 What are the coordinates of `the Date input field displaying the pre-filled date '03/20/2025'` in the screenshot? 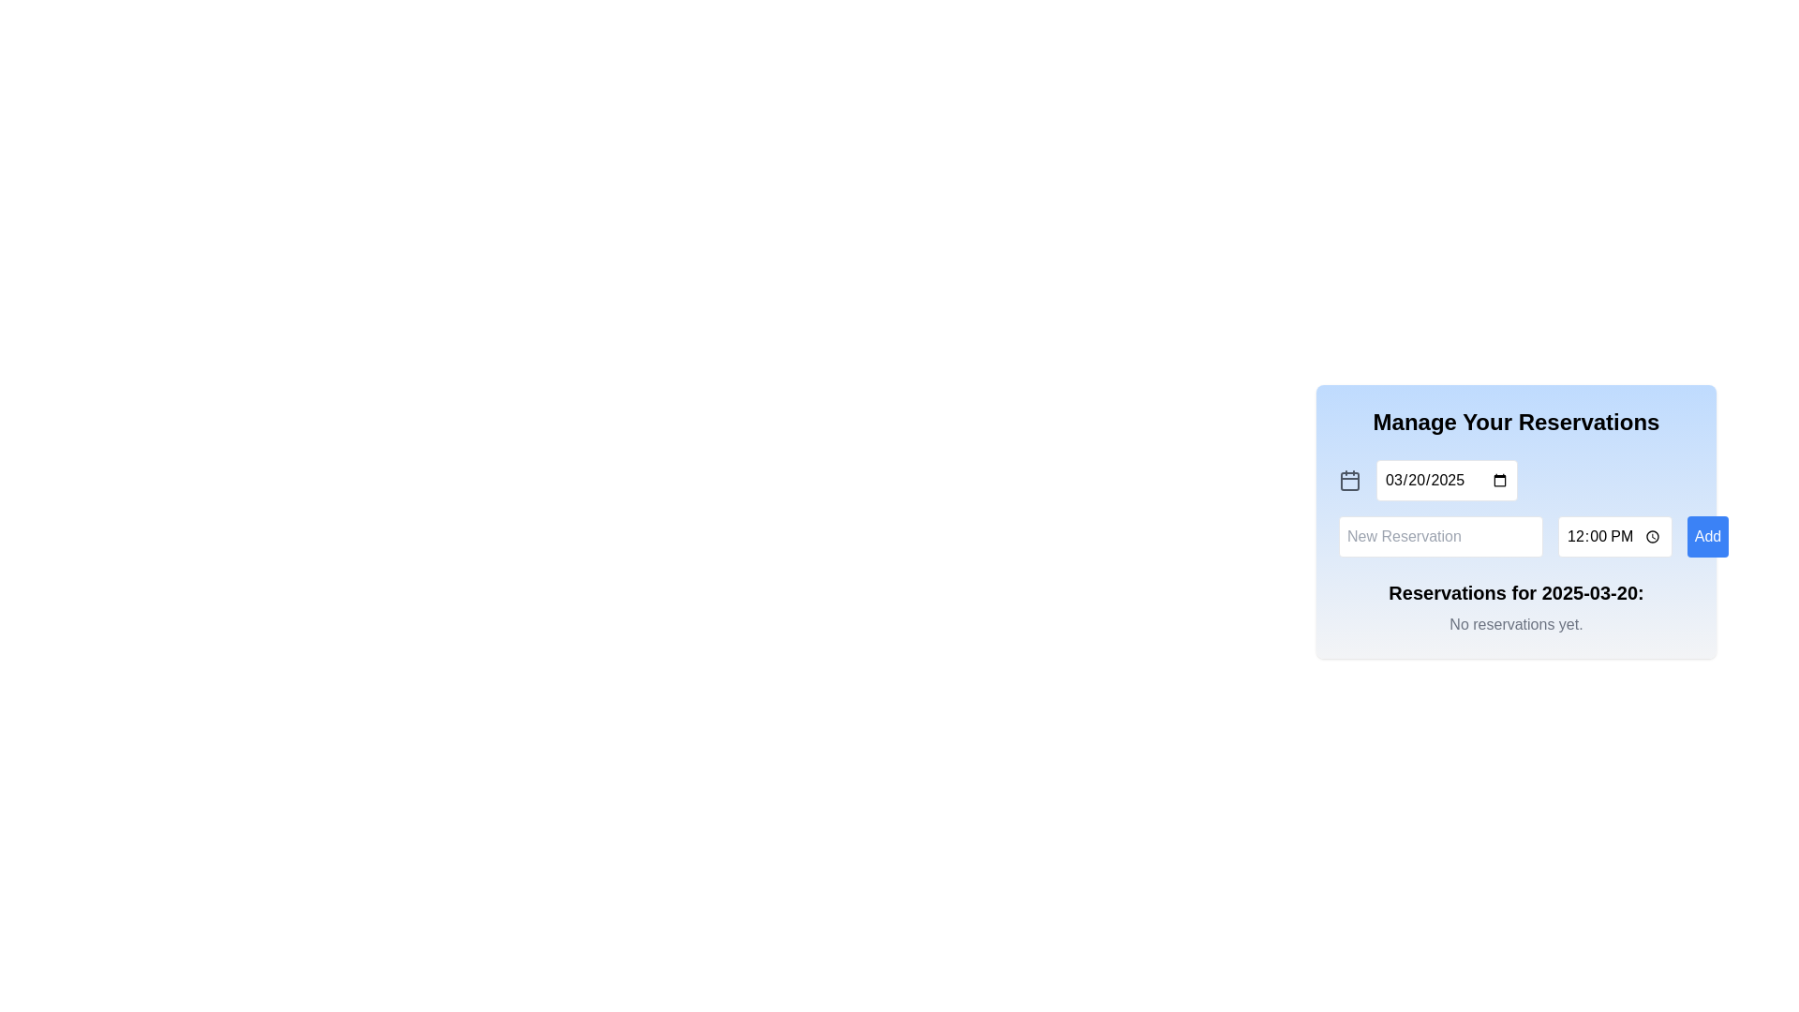 It's located at (1446, 480).